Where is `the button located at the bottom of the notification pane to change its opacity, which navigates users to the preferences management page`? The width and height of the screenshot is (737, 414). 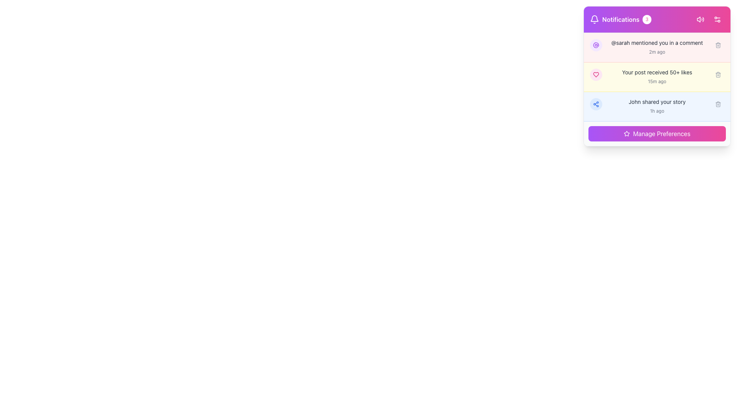
the button located at the bottom of the notification pane to change its opacity, which navigates users to the preferences management page is located at coordinates (657, 133).